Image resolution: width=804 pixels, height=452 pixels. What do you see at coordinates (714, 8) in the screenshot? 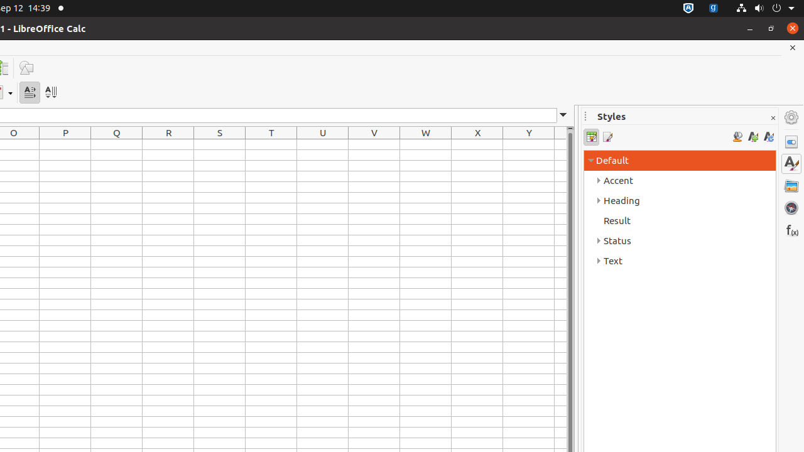
I see `':1.21/StatusNotifierItem'` at bounding box center [714, 8].